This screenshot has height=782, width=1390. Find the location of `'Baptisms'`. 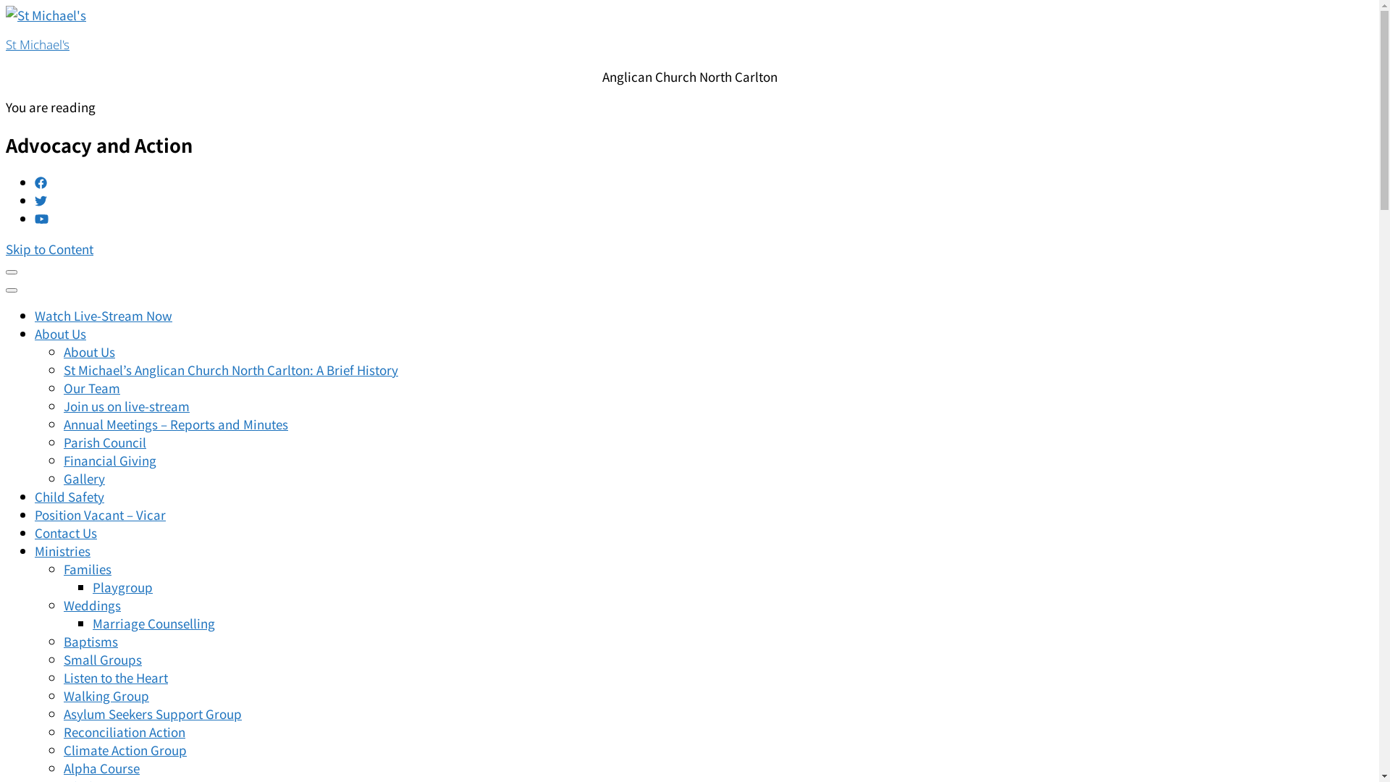

'Baptisms' is located at coordinates (90, 640).